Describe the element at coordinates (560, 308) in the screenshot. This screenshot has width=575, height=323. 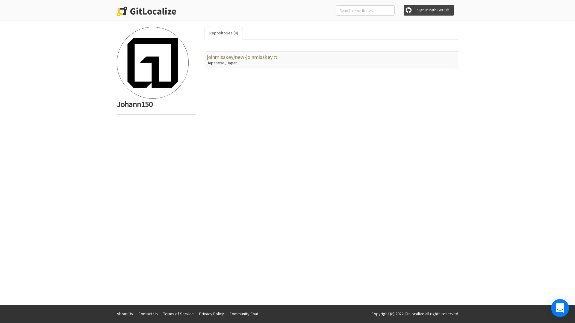
I see `Open Intercom Messenger` at that location.